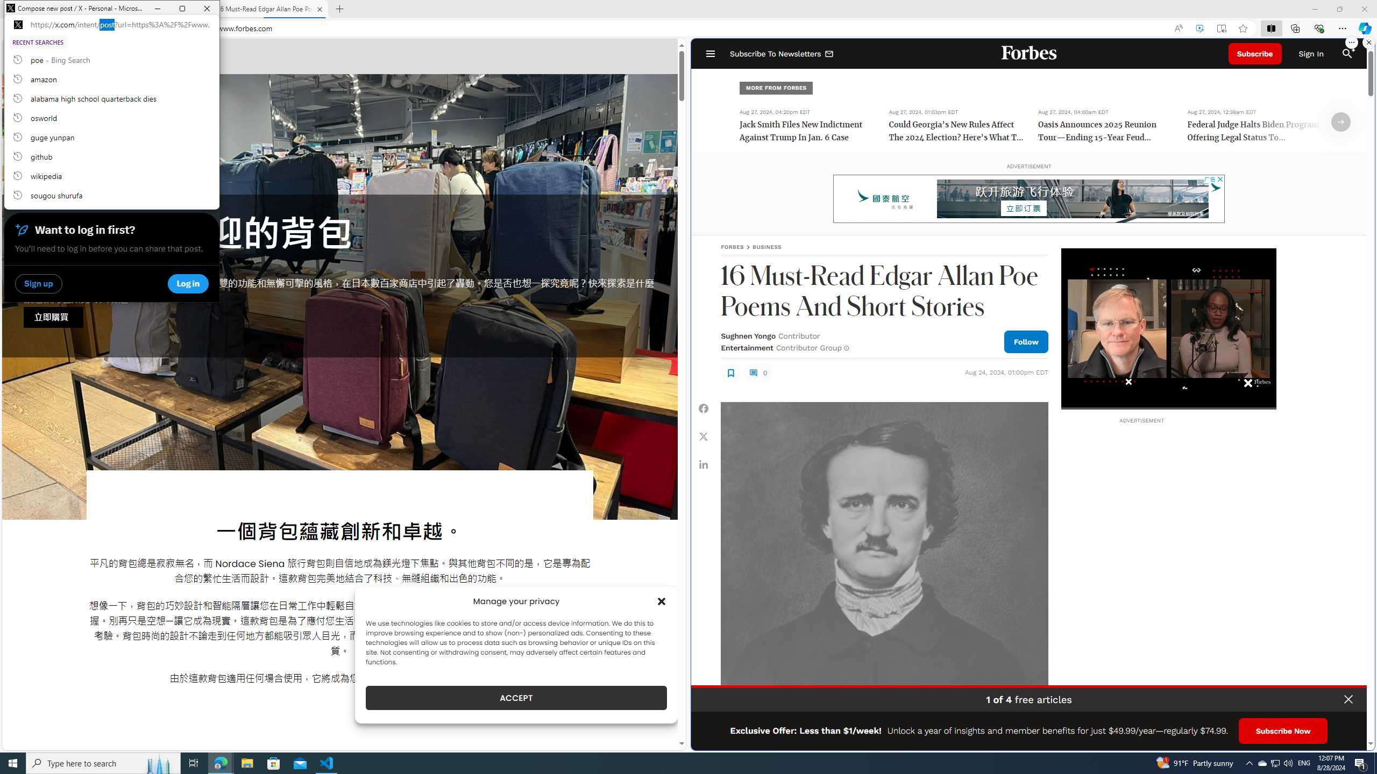  What do you see at coordinates (326, 762) in the screenshot?
I see `'Visual Studio Code - 1 running window'` at bounding box center [326, 762].